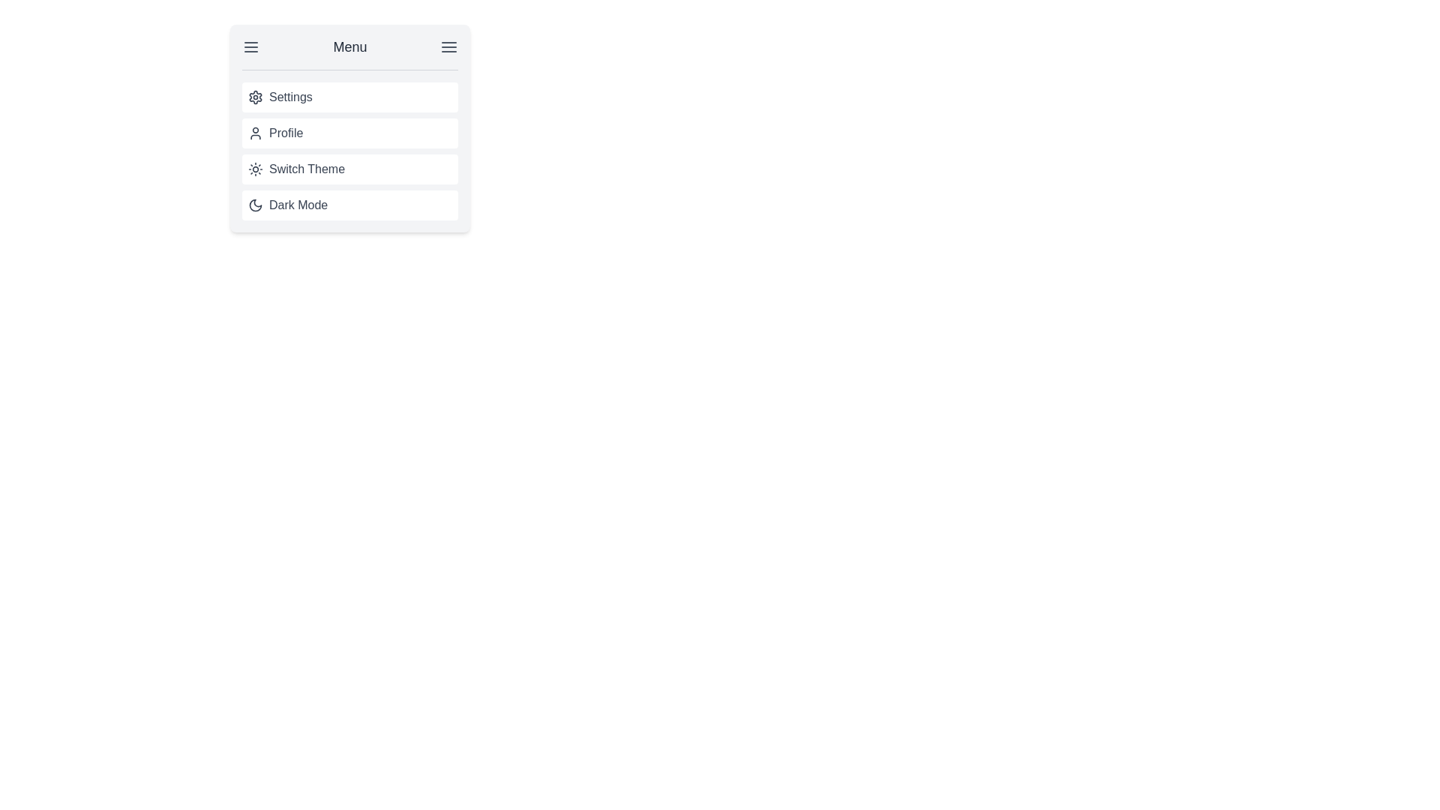 The height and width of the screenshot is (810, 1440). Describe the element at coordinates (349, 169) in the screenshot. I see `the 'Switch Theme' button located below the 'Profile' item and above the 'Dark Mode' item` at that location.